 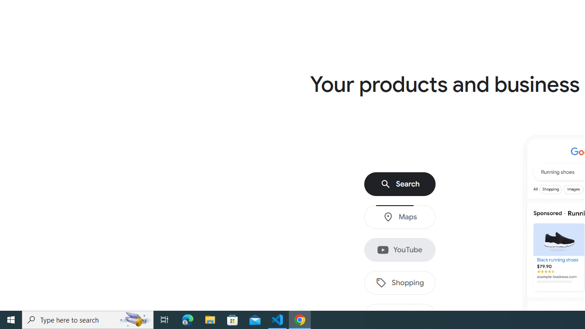 What do you see at coordinates (187, 319) in the screenshot?
I see `'Microsoft Edge'` at bounding box center [187, 319].